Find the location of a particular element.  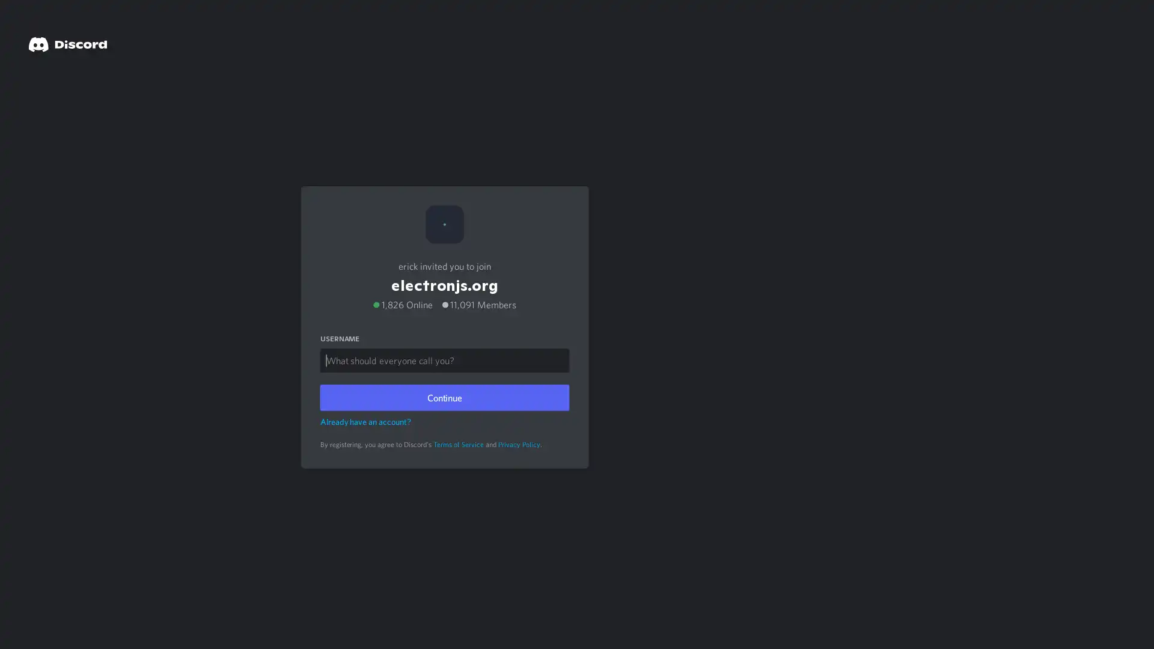

Continue is located at coordinates (444, 394).